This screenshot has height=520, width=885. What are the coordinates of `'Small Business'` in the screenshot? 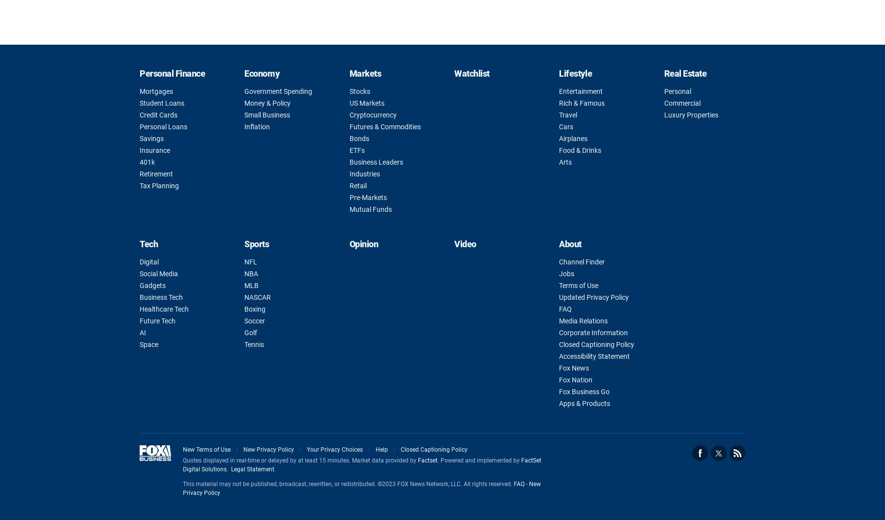 It's located at (243, 115).